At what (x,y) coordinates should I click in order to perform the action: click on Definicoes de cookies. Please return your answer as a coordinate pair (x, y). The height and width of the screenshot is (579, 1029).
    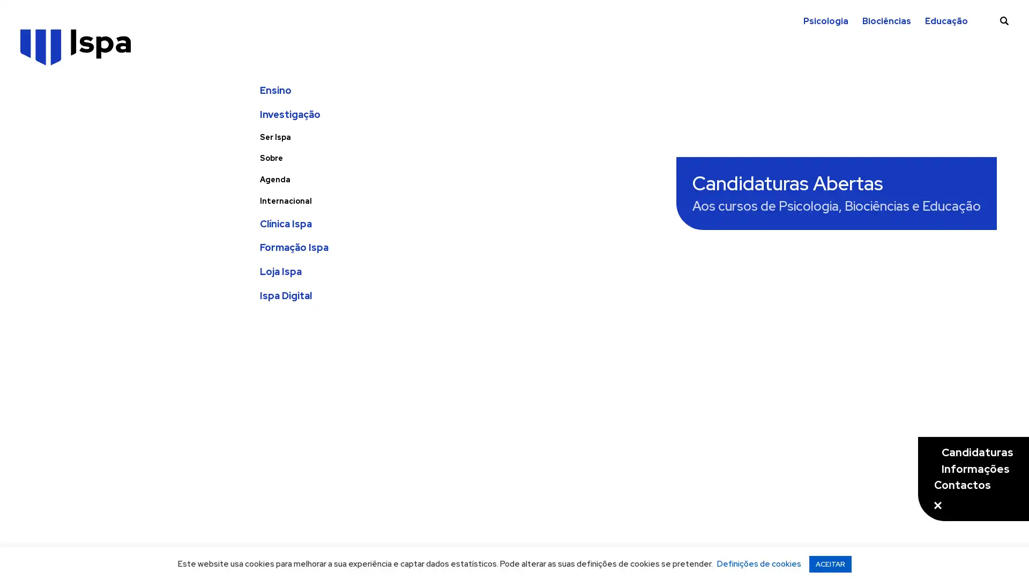
    Looking at the image, I should click on (758, 563).